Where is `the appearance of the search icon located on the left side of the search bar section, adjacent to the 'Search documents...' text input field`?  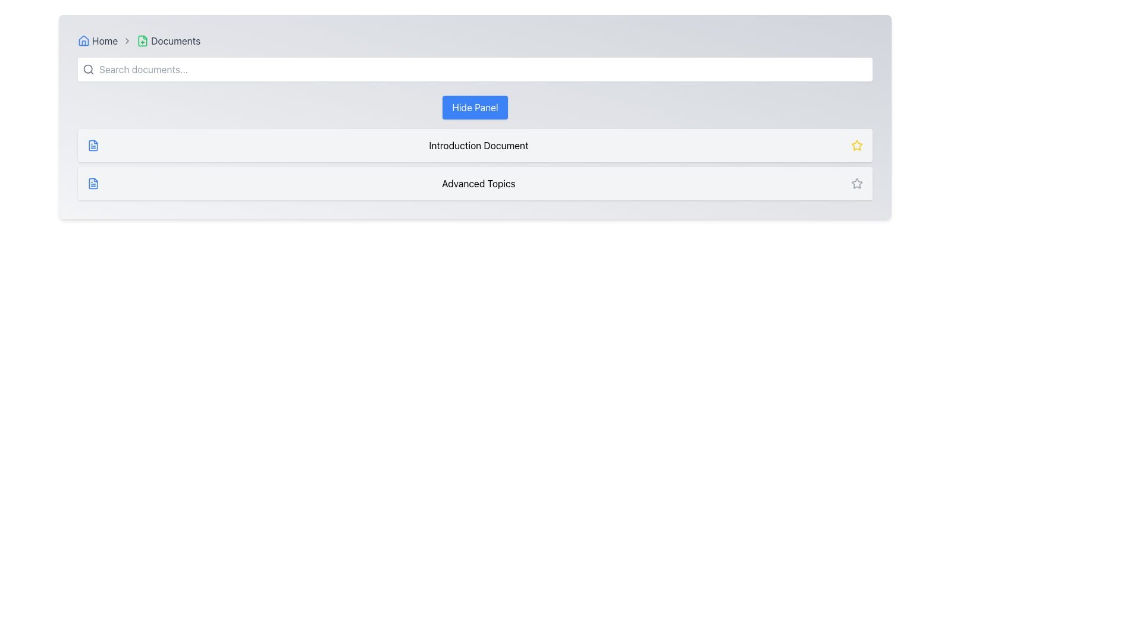 the appearance of the search icon located on the left side of the search bar section, adjacent to the 'Search documents...' text input field is located at coordinates (87, 69).